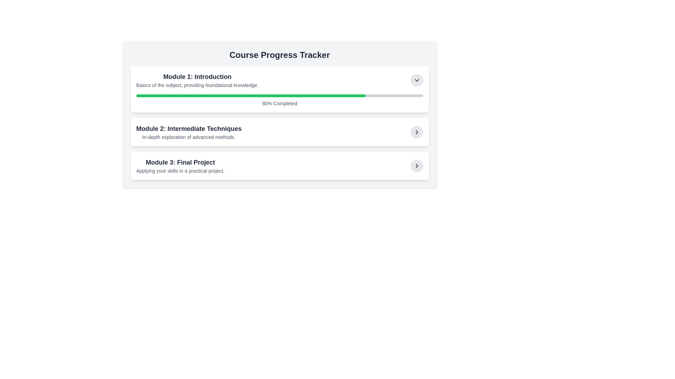  I want to click on the chevron icon pointing right located at the far-right of the second module entry, so click(417, 132).